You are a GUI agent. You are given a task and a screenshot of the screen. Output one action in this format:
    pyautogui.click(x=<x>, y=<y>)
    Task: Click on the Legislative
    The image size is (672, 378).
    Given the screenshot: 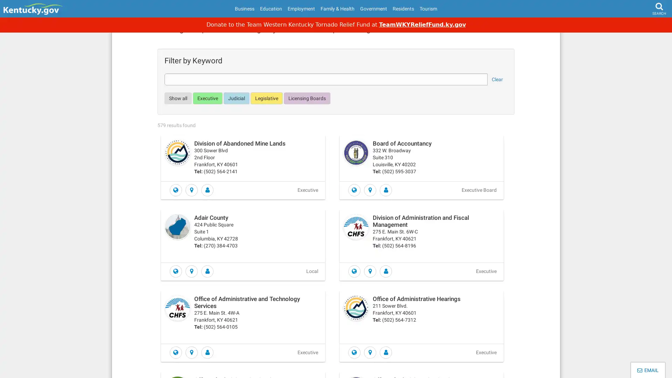 What is the action you would take?
    pyautogui.click(x=266, y=98)
    